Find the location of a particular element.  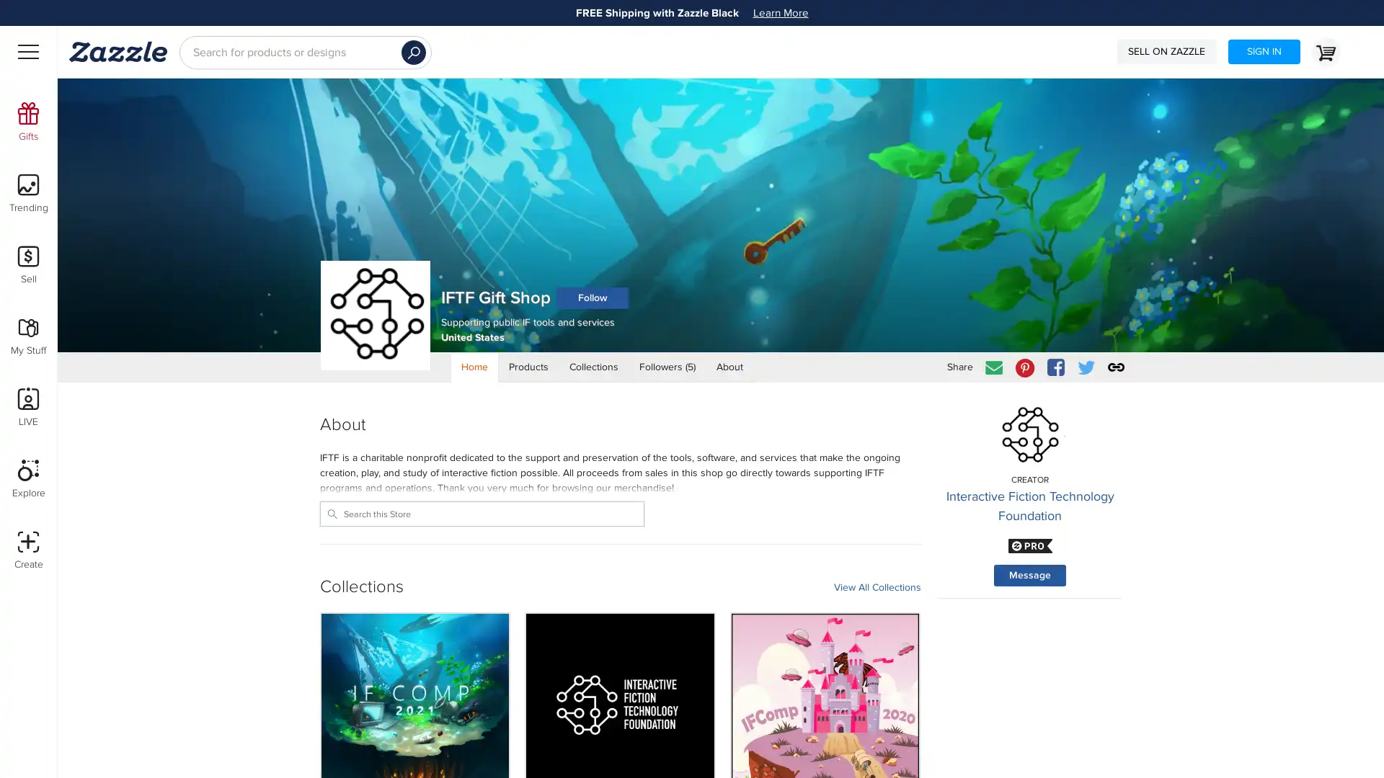

SIGN IN is located at coordinates (1263, 51).